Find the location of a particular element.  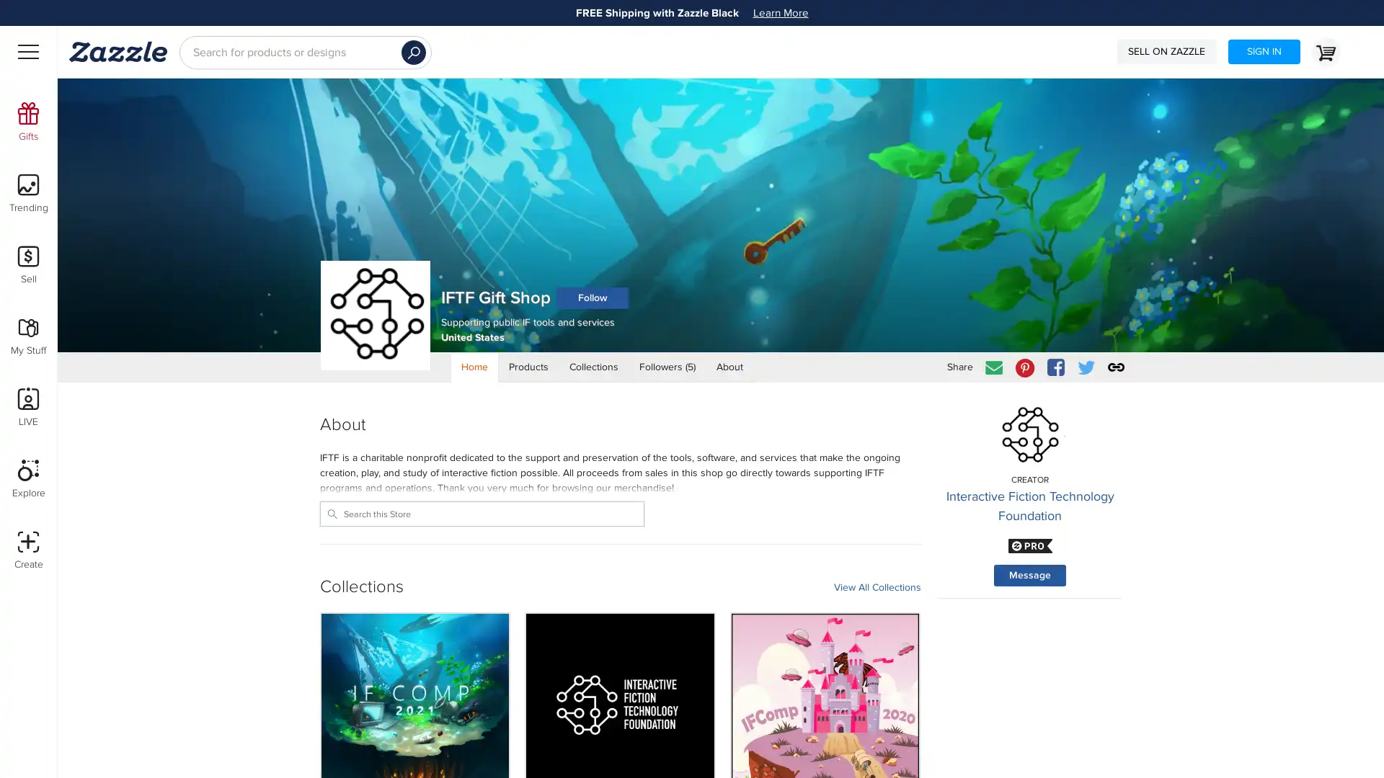

SIGN IN is located at coordinates (1263, 51).